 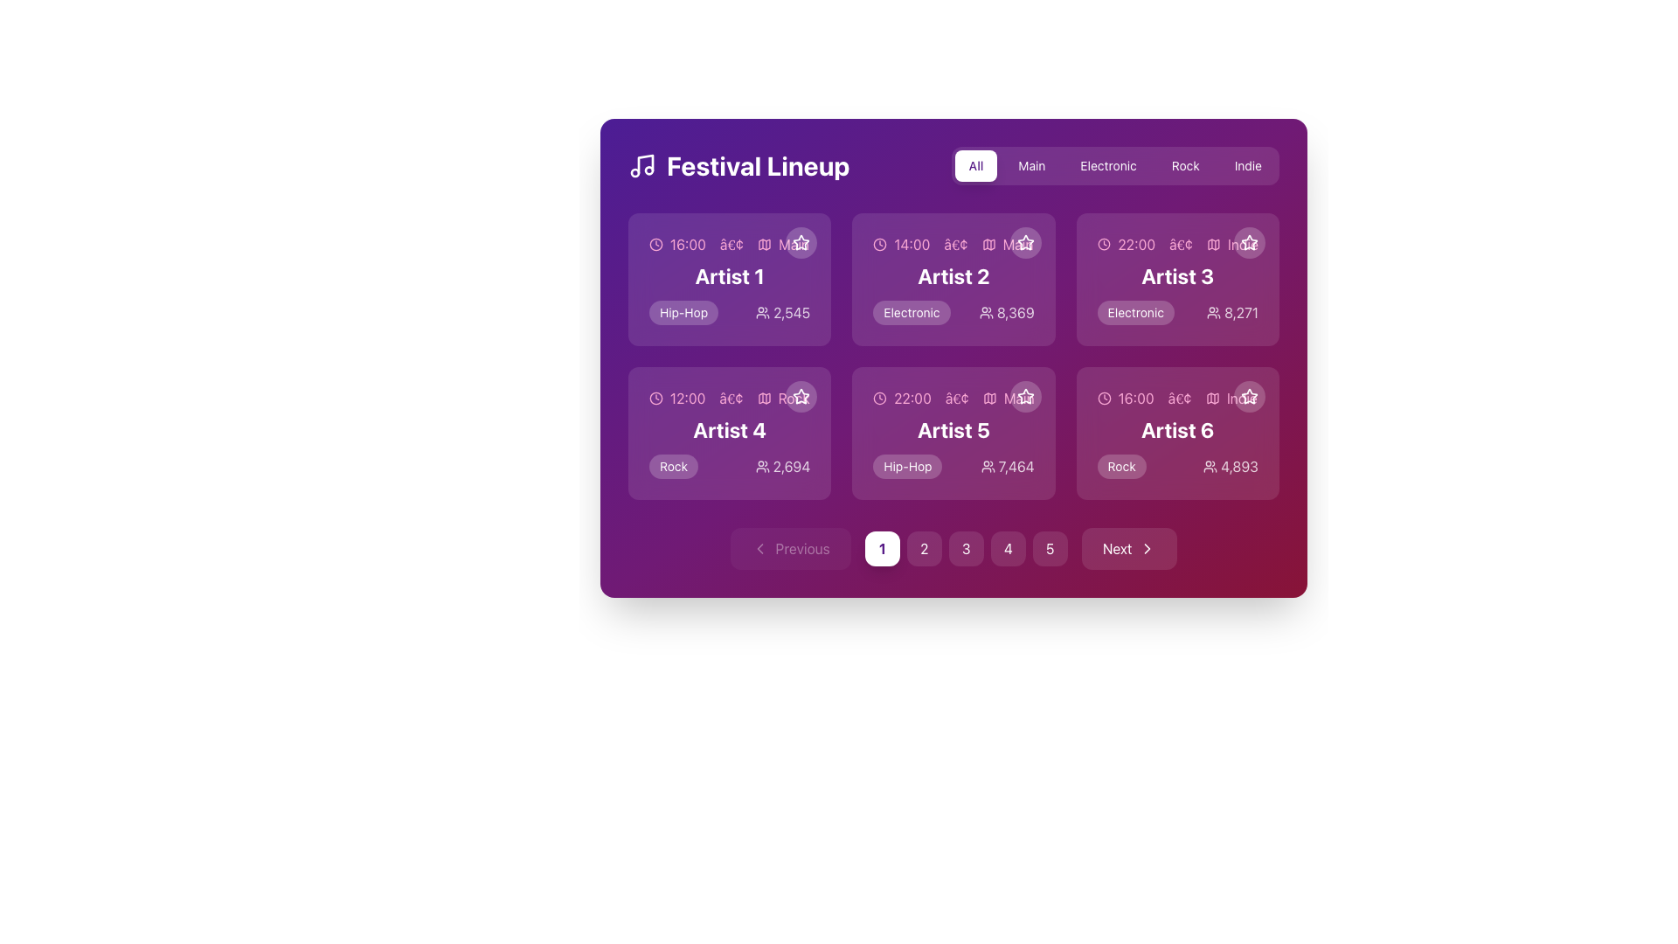 What do you see at coordinates (986, 312) in the screenshot?
I see `the icon that represents the number of attendees associated with the second card in the top row of the grid layout, positioned to the left of the text '8,369'` at bounding box center [986, 312].